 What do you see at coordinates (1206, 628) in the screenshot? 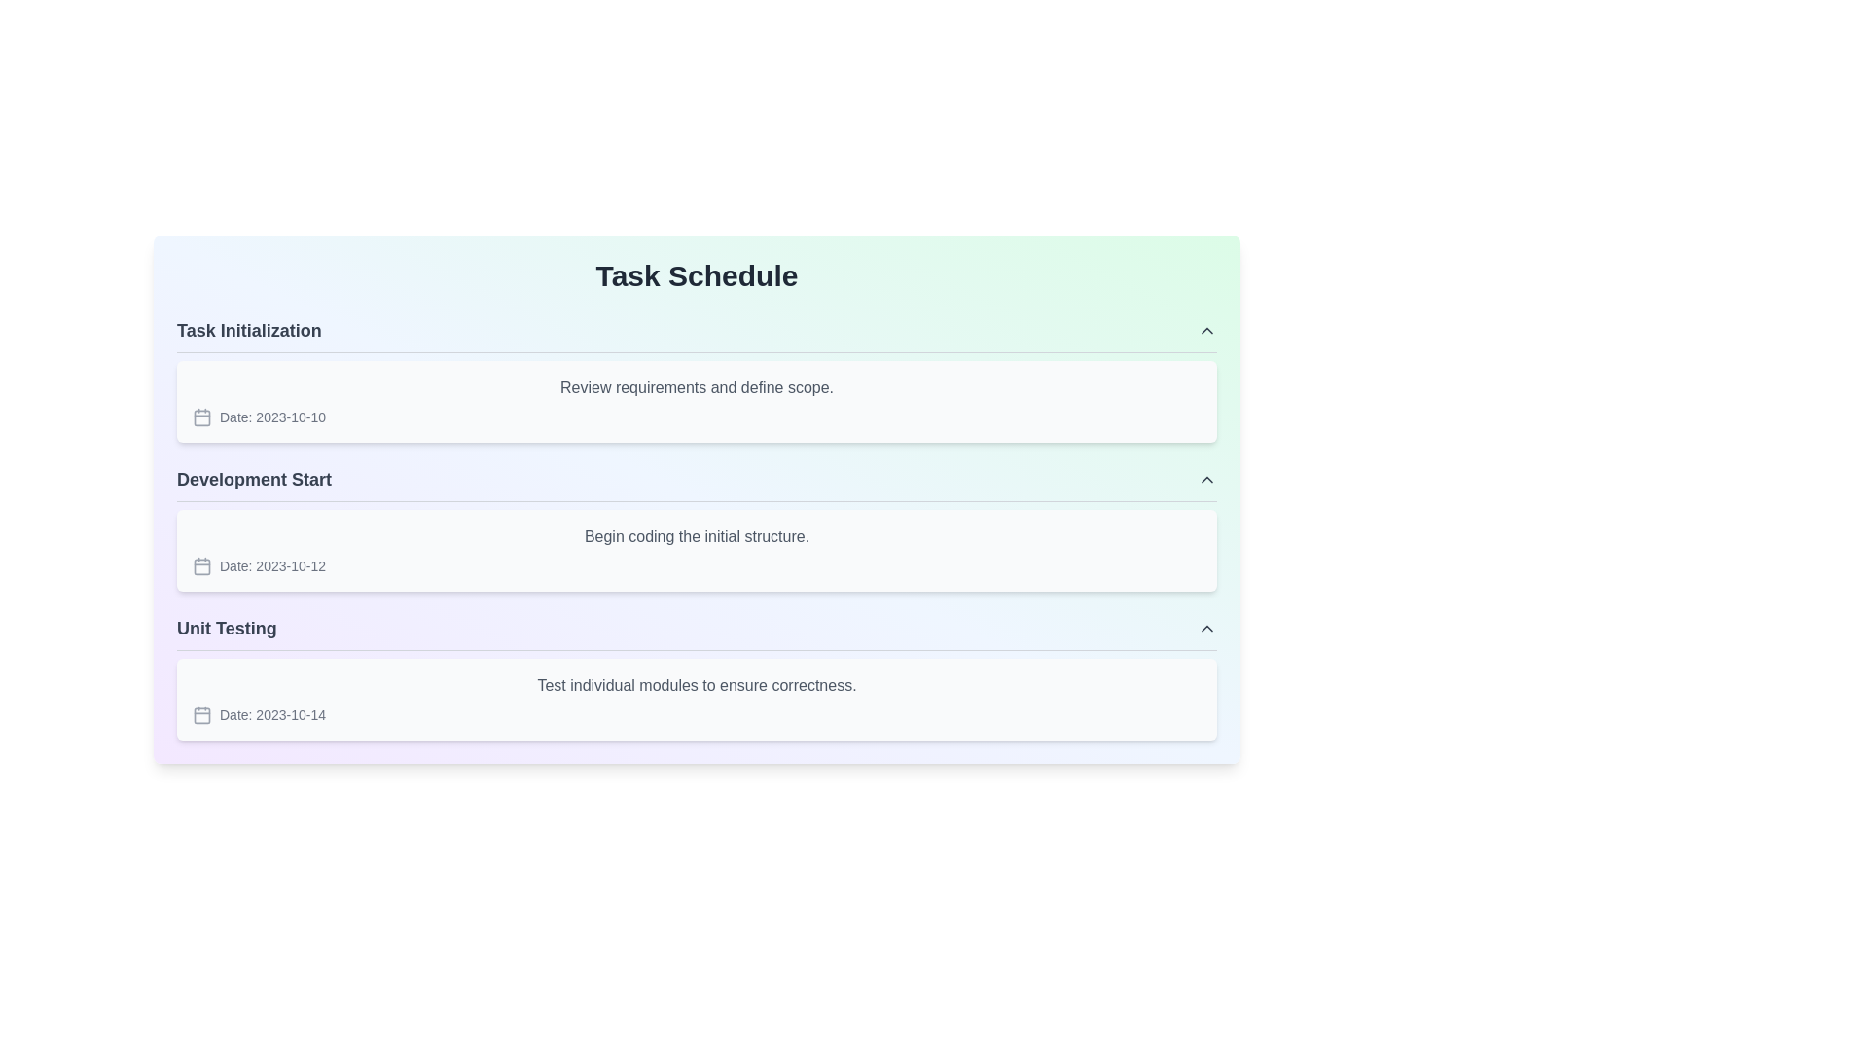
I see `the upward-facing chevron icon styled in gray, located in the upper-right corner of the 'Unit Testing' section header, to trigger interactive effects` at bounding box center [1206, 628].